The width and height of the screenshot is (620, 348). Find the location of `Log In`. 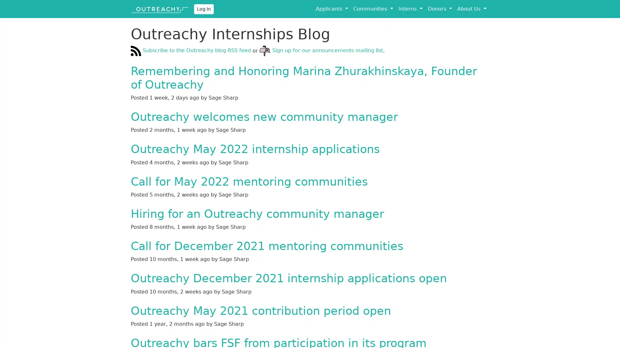

Log In is located at coordinates (203, 9).